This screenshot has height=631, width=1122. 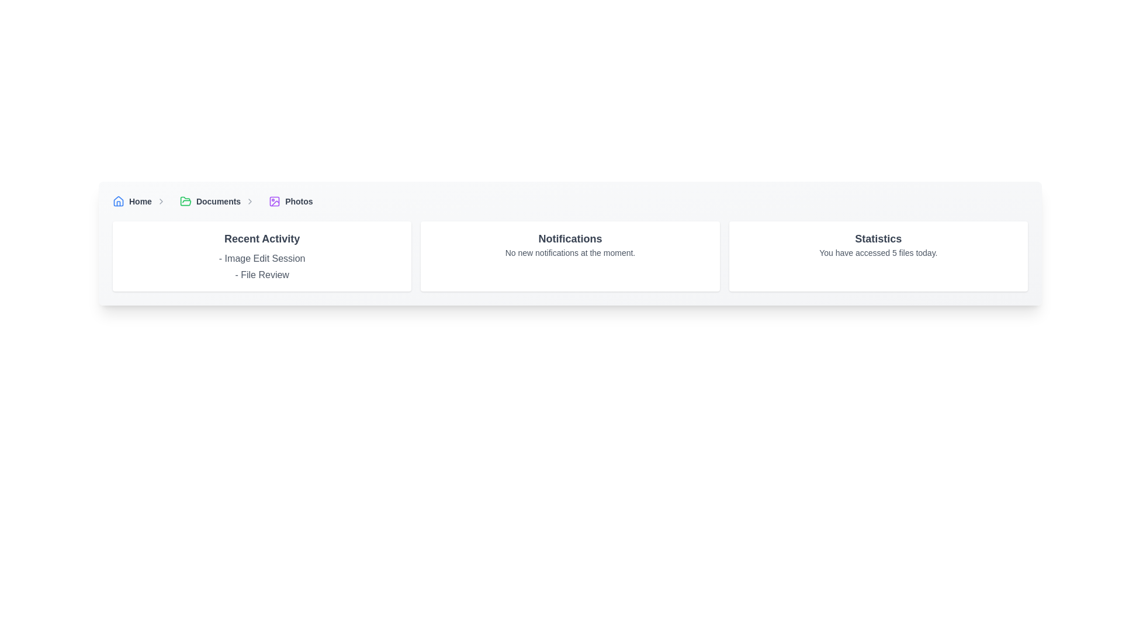 What do you see at coordinates (185, 200) in the screenshot?
I see `the 'Documents' navigation icon, located` at bounding box center [185, 200].